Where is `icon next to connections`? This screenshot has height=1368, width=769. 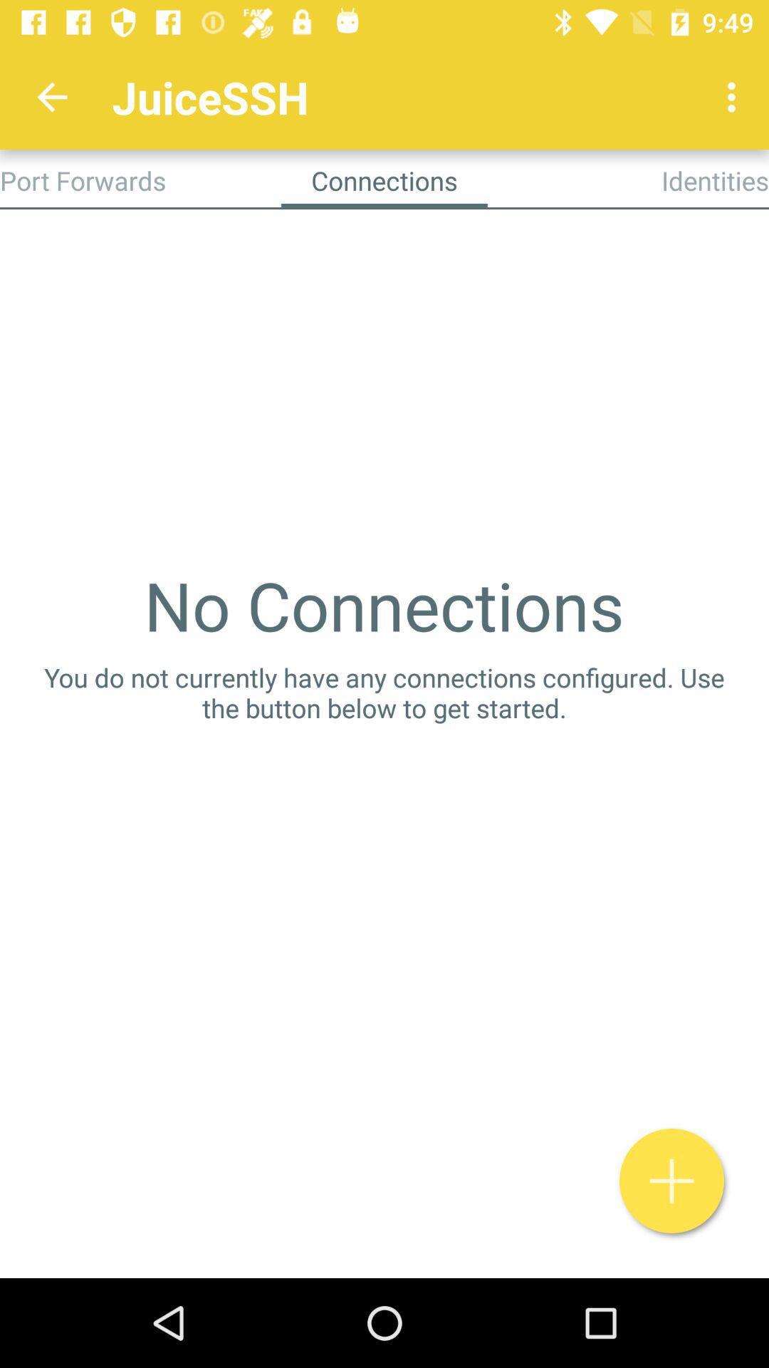 icon next to connections is located at coordinates (715, 180).